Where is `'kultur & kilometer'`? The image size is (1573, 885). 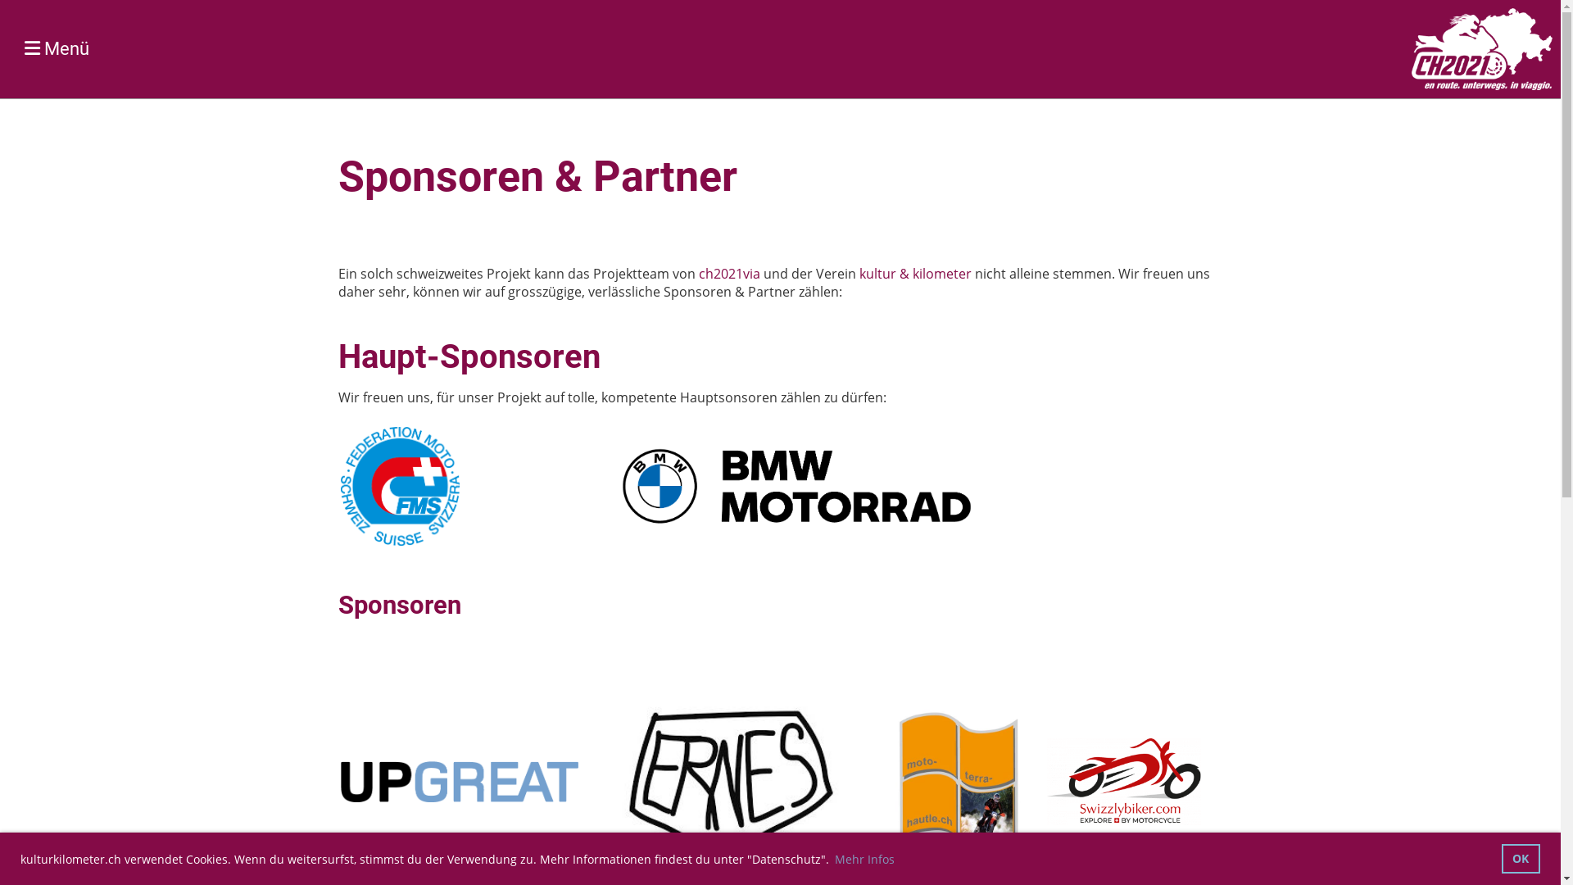 'kultur & kilometer' is located at coordinates (913, 273).